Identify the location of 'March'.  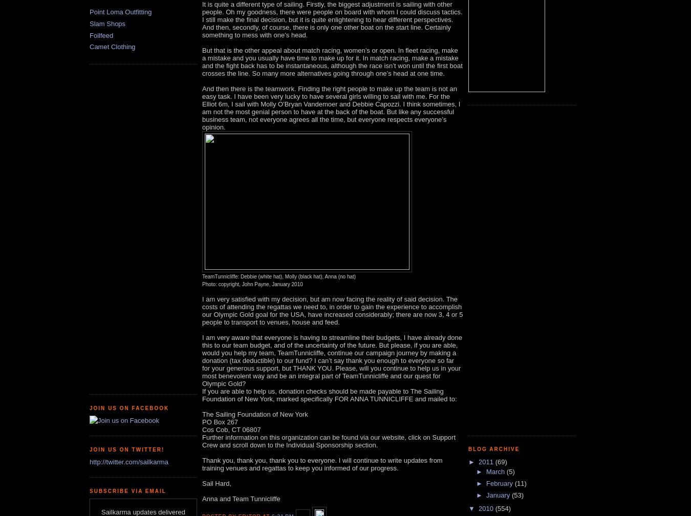
(485, 471).